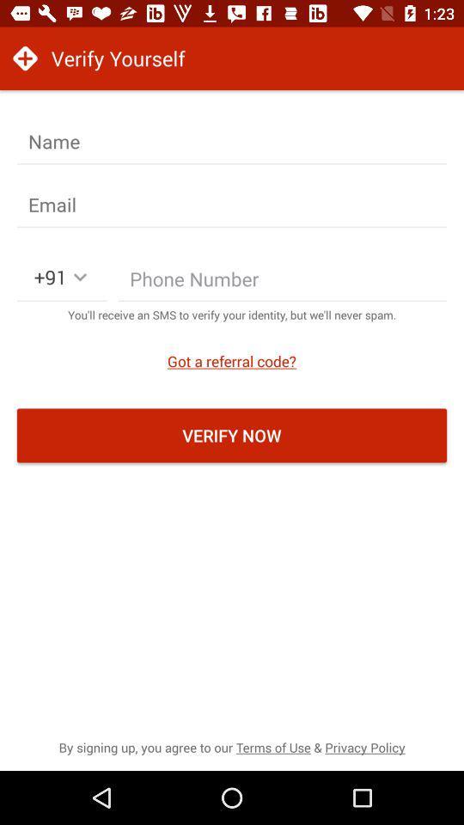 The image size is (464, 825). Describe the element at coordinates (232, 434) in the screenshot. I see `verify now icon` at that location.